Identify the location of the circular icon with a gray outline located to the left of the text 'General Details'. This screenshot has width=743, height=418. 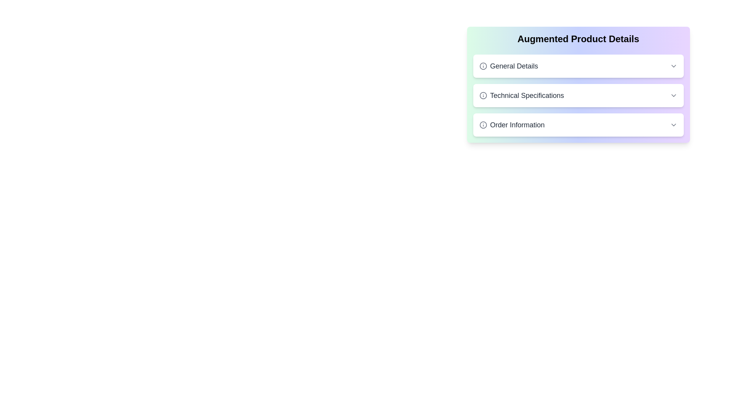
(483, 65).